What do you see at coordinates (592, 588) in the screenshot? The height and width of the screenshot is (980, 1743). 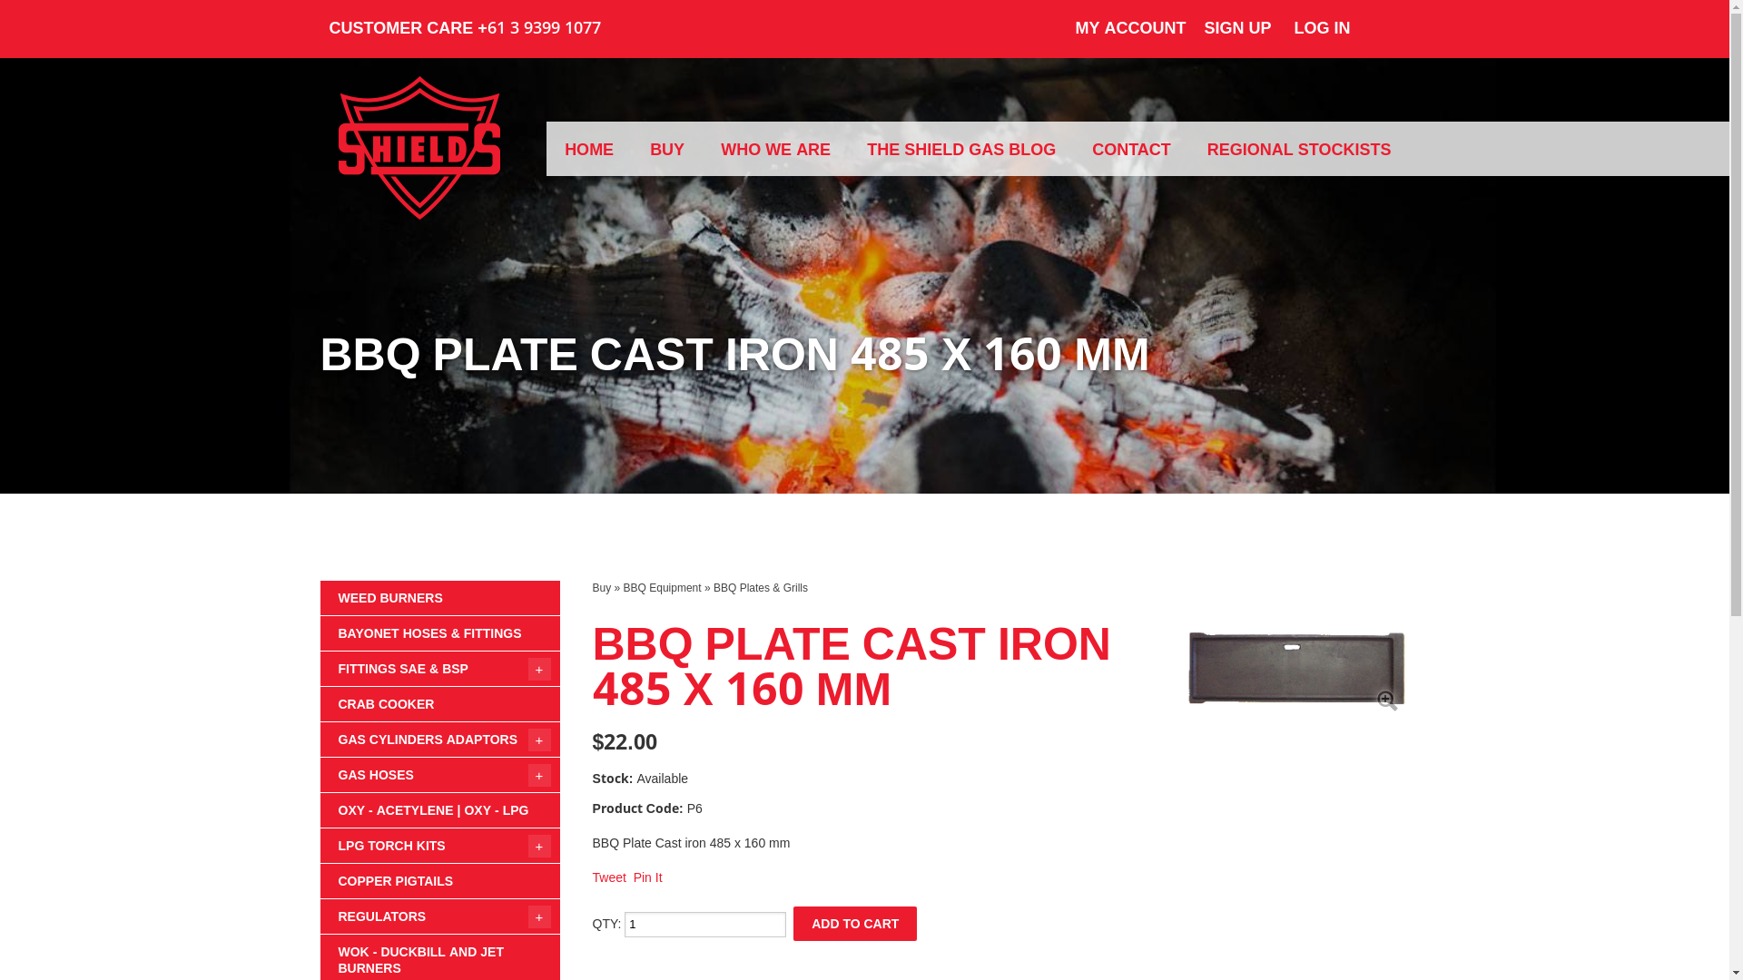 I see `'Buy'` at bounding box center [592, 588].